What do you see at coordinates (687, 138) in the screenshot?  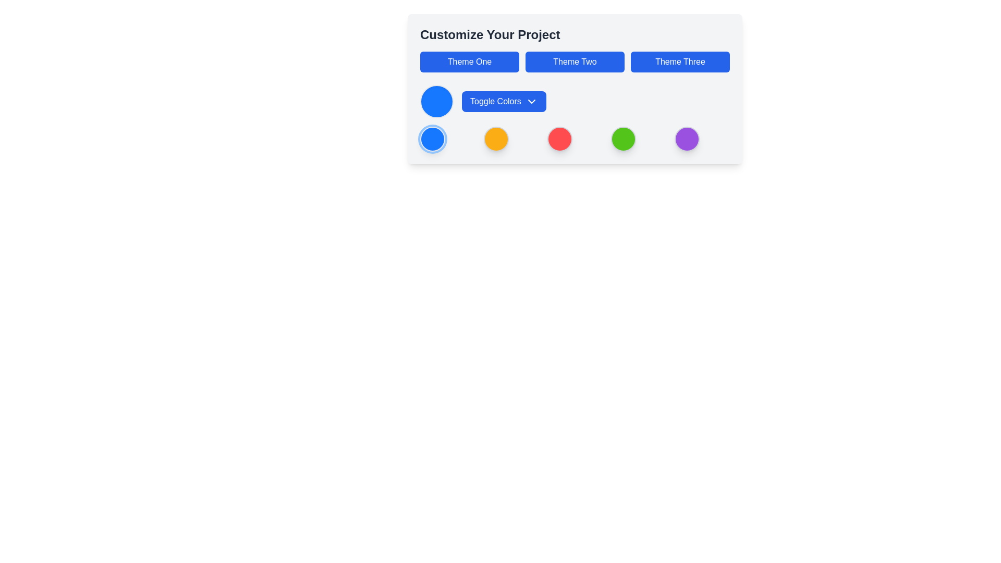 I see `the fifth button in the horizontal sequence that applies a purple-themed option in the customization interface` at bounding box center [687, 138].